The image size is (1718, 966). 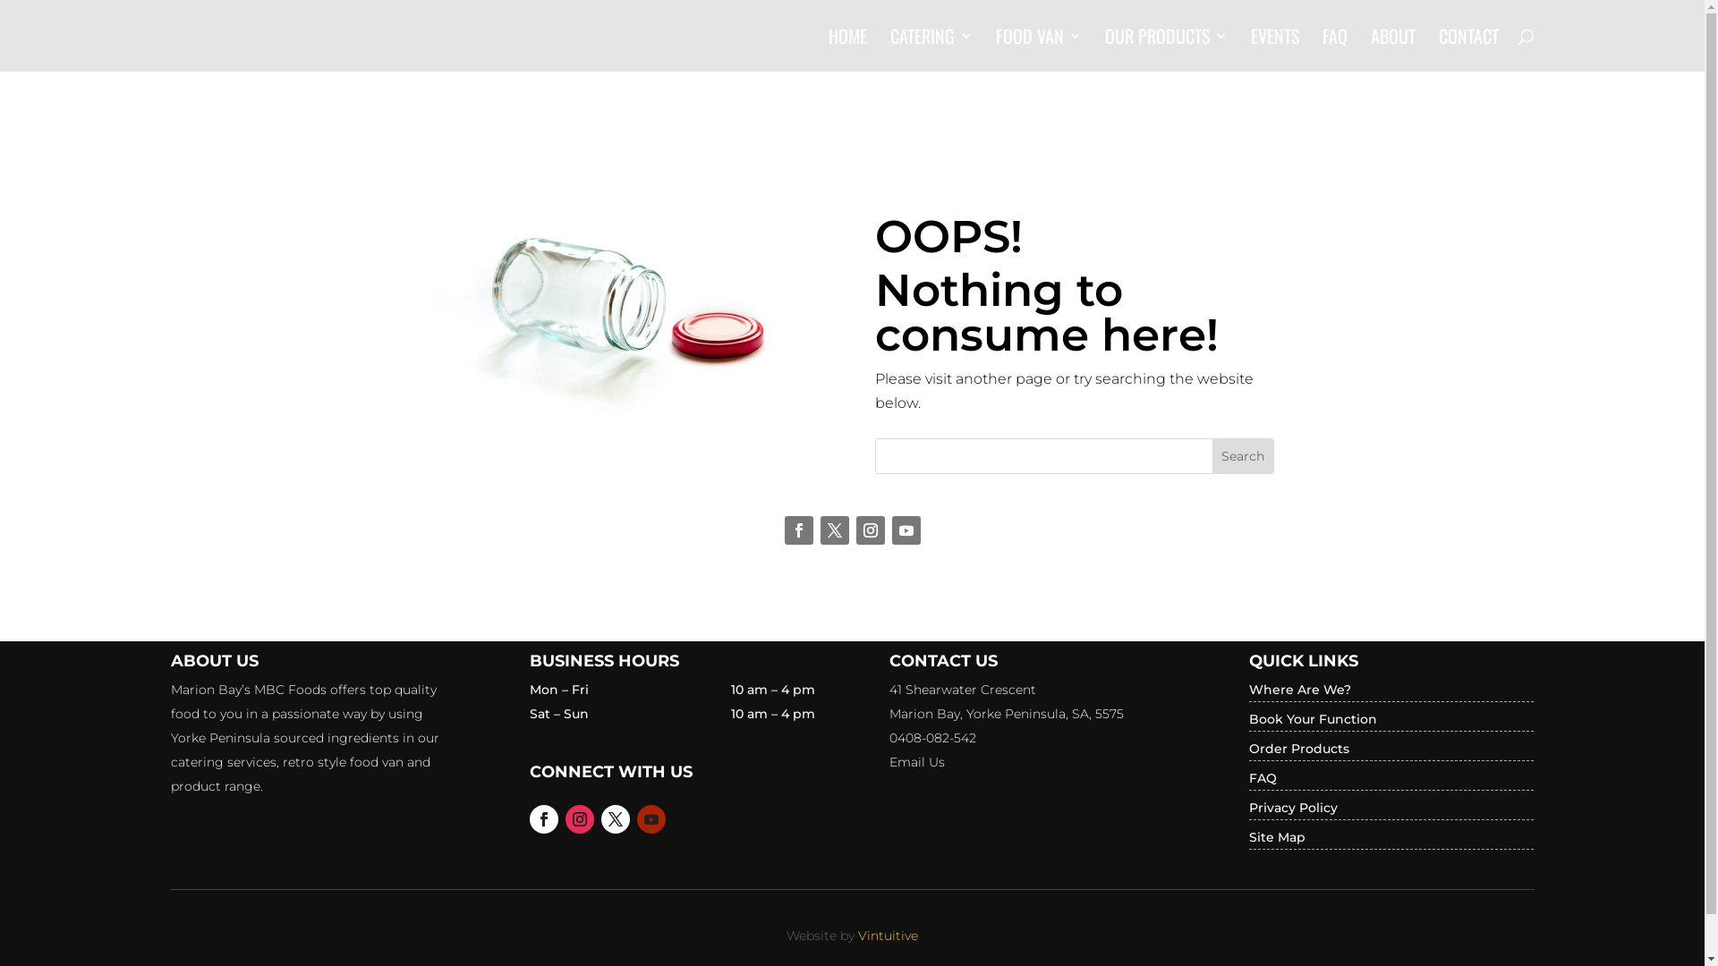 I want to click on 'EVENTS', so click(x=1274, y=49).